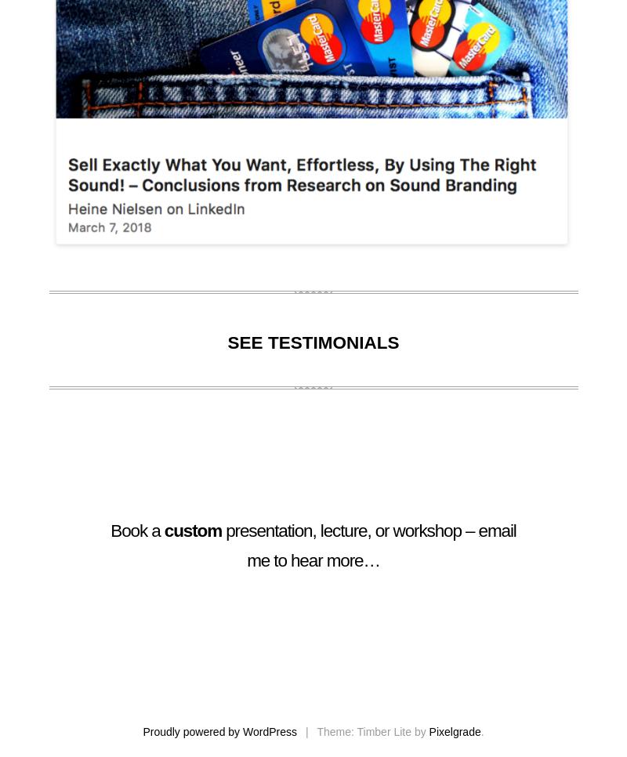 Image resolution: width=627 pixels, height=757 pixels. What do you see at coordinates (349, 531) in the screenshot?
I see `'presentation, lecture, or workshop –'` at bounding box center [349, 531].